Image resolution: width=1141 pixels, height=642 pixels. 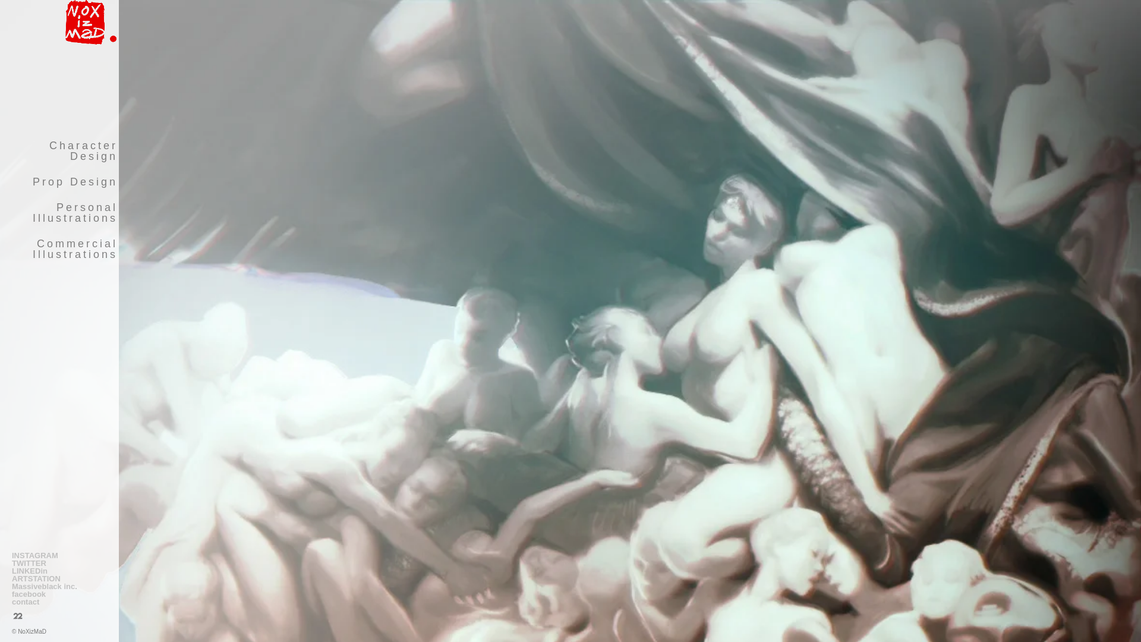 What do you see at coordinates (1, 181) in the screenshot?
I see `'Prop Design'` at bounding box center [1, 181].